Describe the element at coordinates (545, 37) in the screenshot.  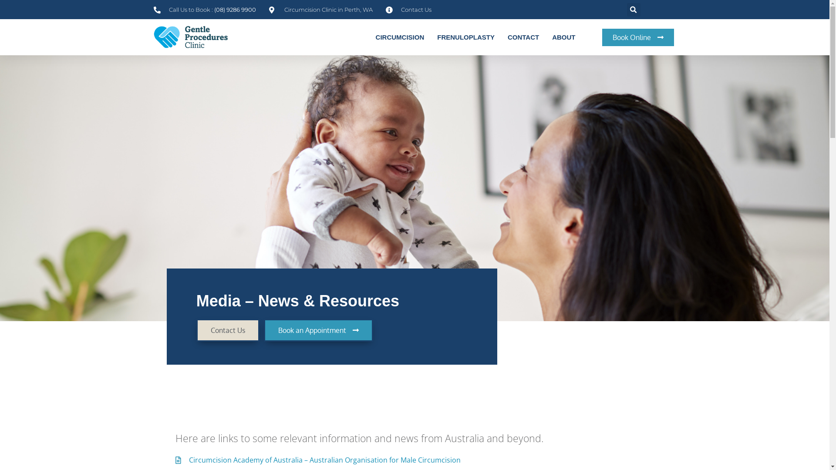
I see `'ABOUT'` at that location.